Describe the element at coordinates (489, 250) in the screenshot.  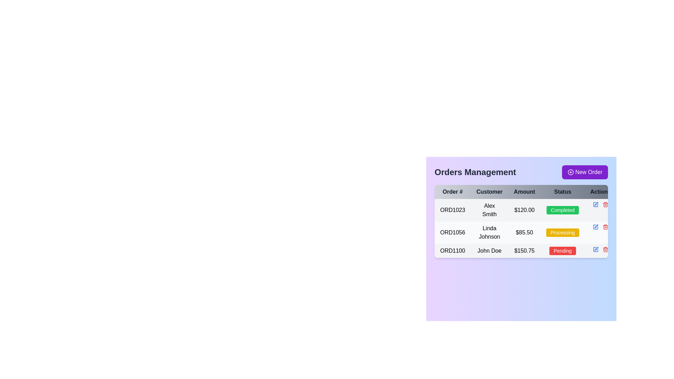
I see `the Label displaying 'John Doe' located in the 'Customer' column of the order 'ORD1100' in the table` at that location.